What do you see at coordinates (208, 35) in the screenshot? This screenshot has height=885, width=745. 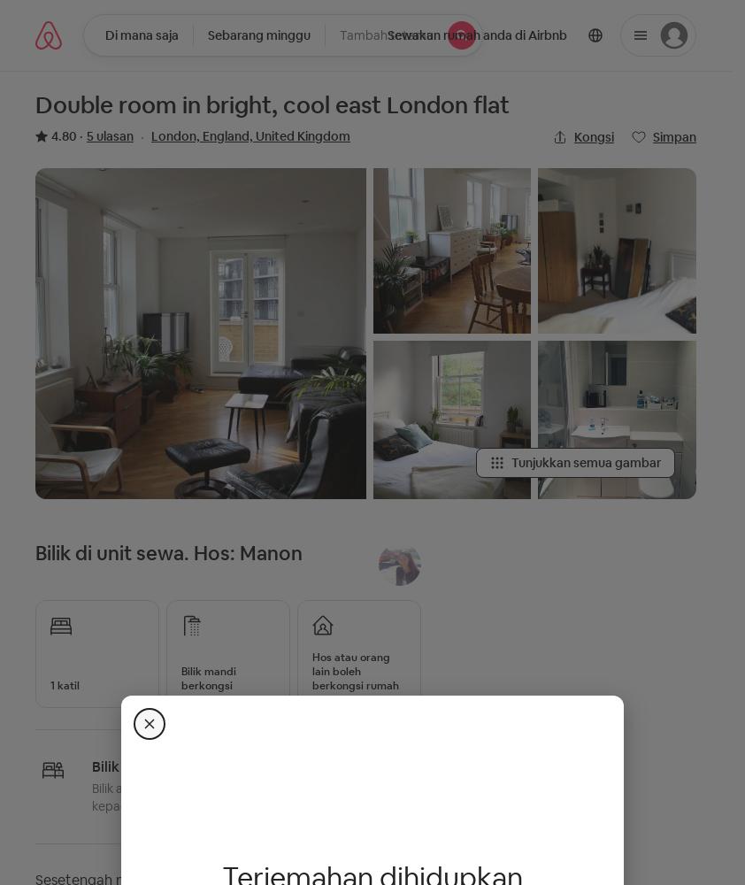 I see `'Sebarang minggu'` at bounding box center [208, 35].